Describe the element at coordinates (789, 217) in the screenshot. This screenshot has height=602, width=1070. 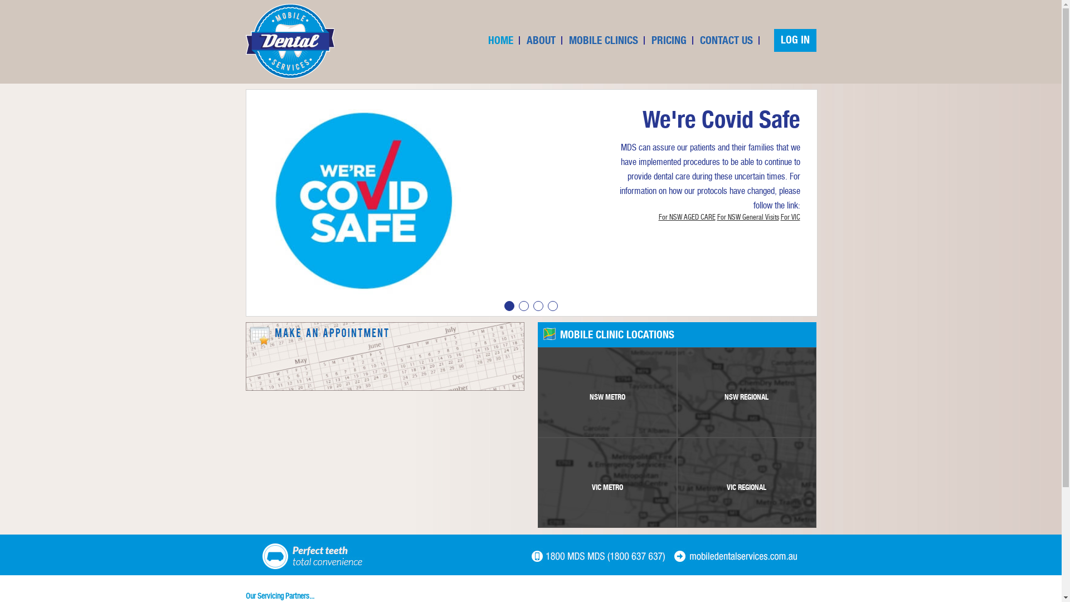
I see `'For VIC'` at that location.